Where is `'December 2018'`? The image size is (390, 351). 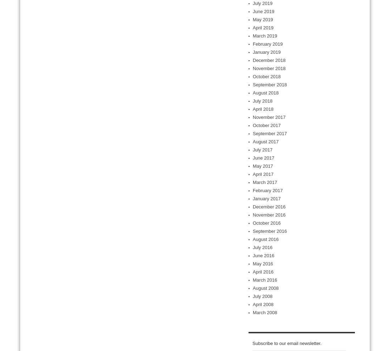 'December 2018' is located at coordinates (269, 60).